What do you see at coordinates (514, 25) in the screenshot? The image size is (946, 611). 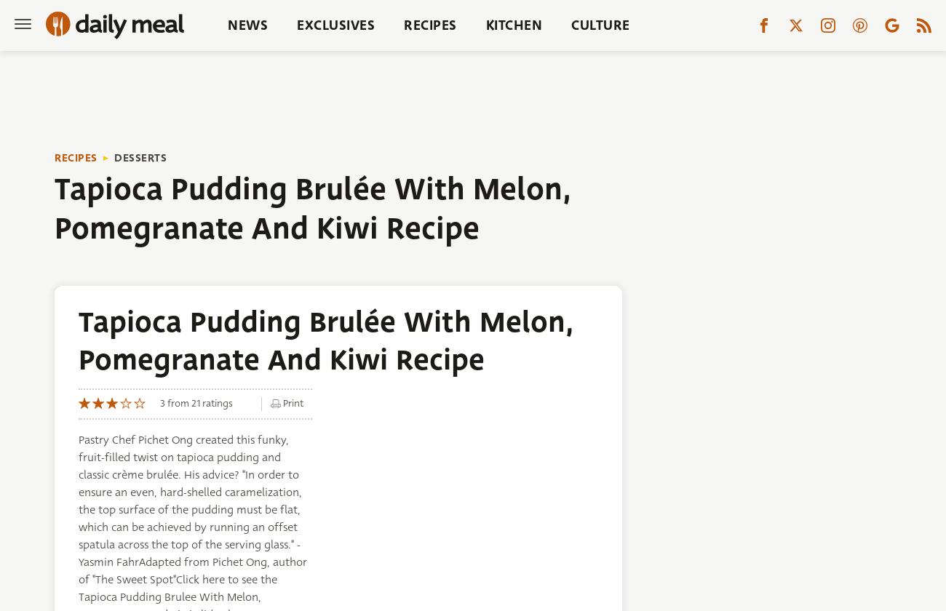 I see `'Kitchen'` at bounding box center [514, 25].